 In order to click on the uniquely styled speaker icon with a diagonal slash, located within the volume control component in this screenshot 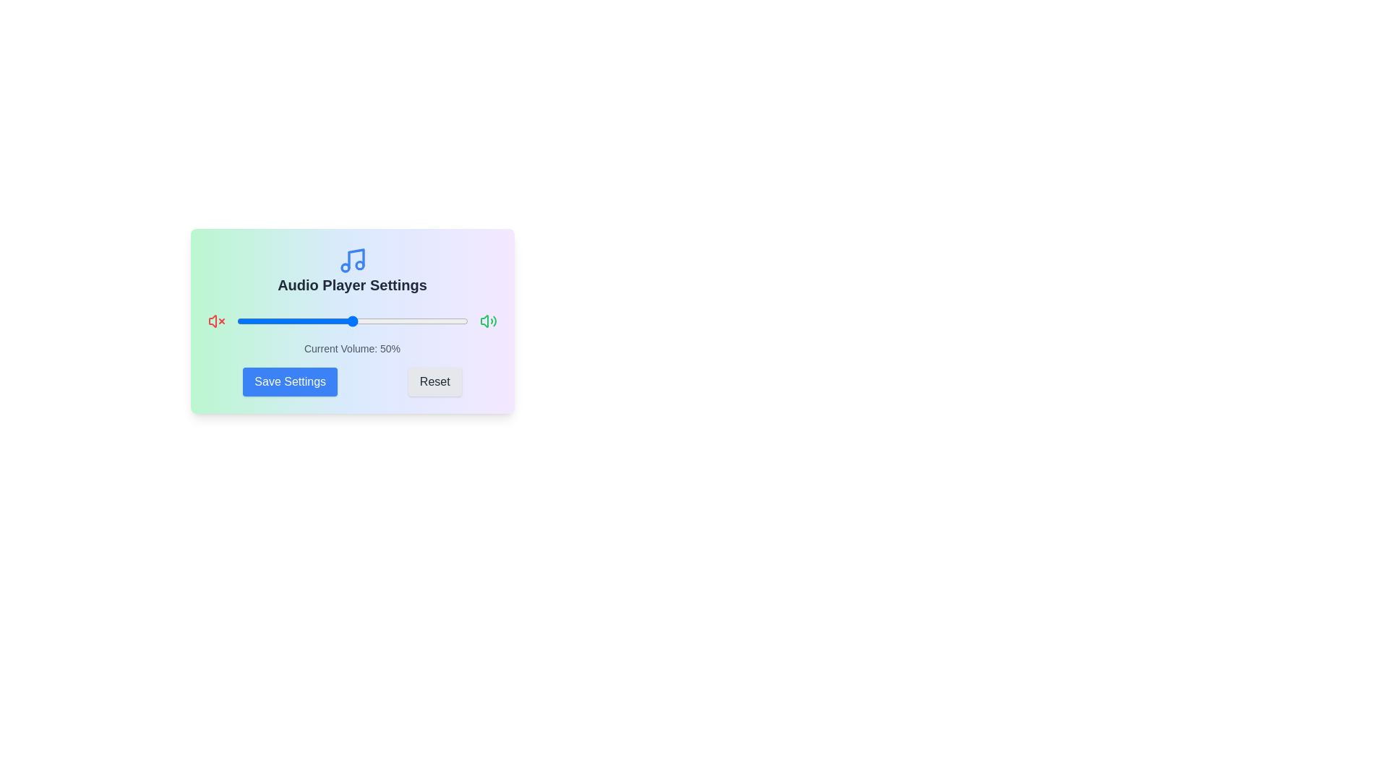, I will do `click(211, 320)`.